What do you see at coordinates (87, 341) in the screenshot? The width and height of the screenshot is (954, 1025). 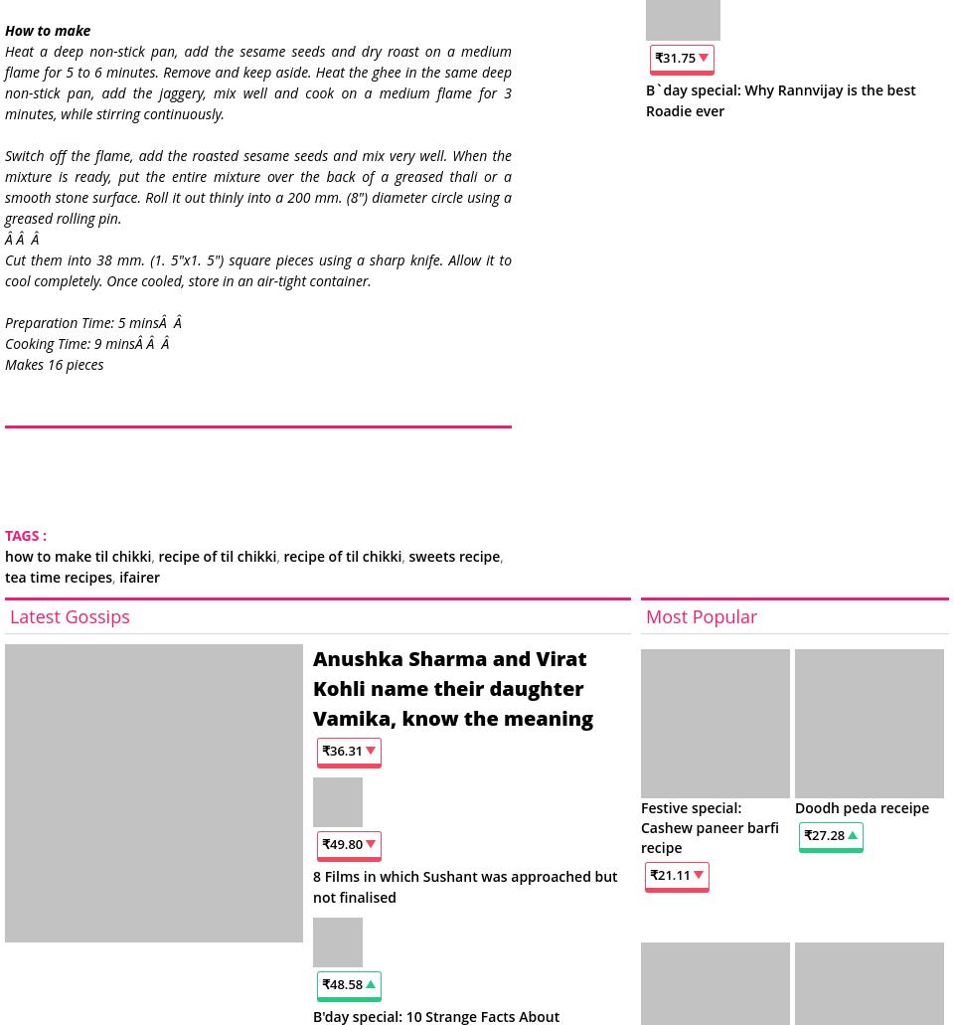 I see `'Cooking Time: 9 minsÂ Â  Â'` at bounding box center [87, 341].